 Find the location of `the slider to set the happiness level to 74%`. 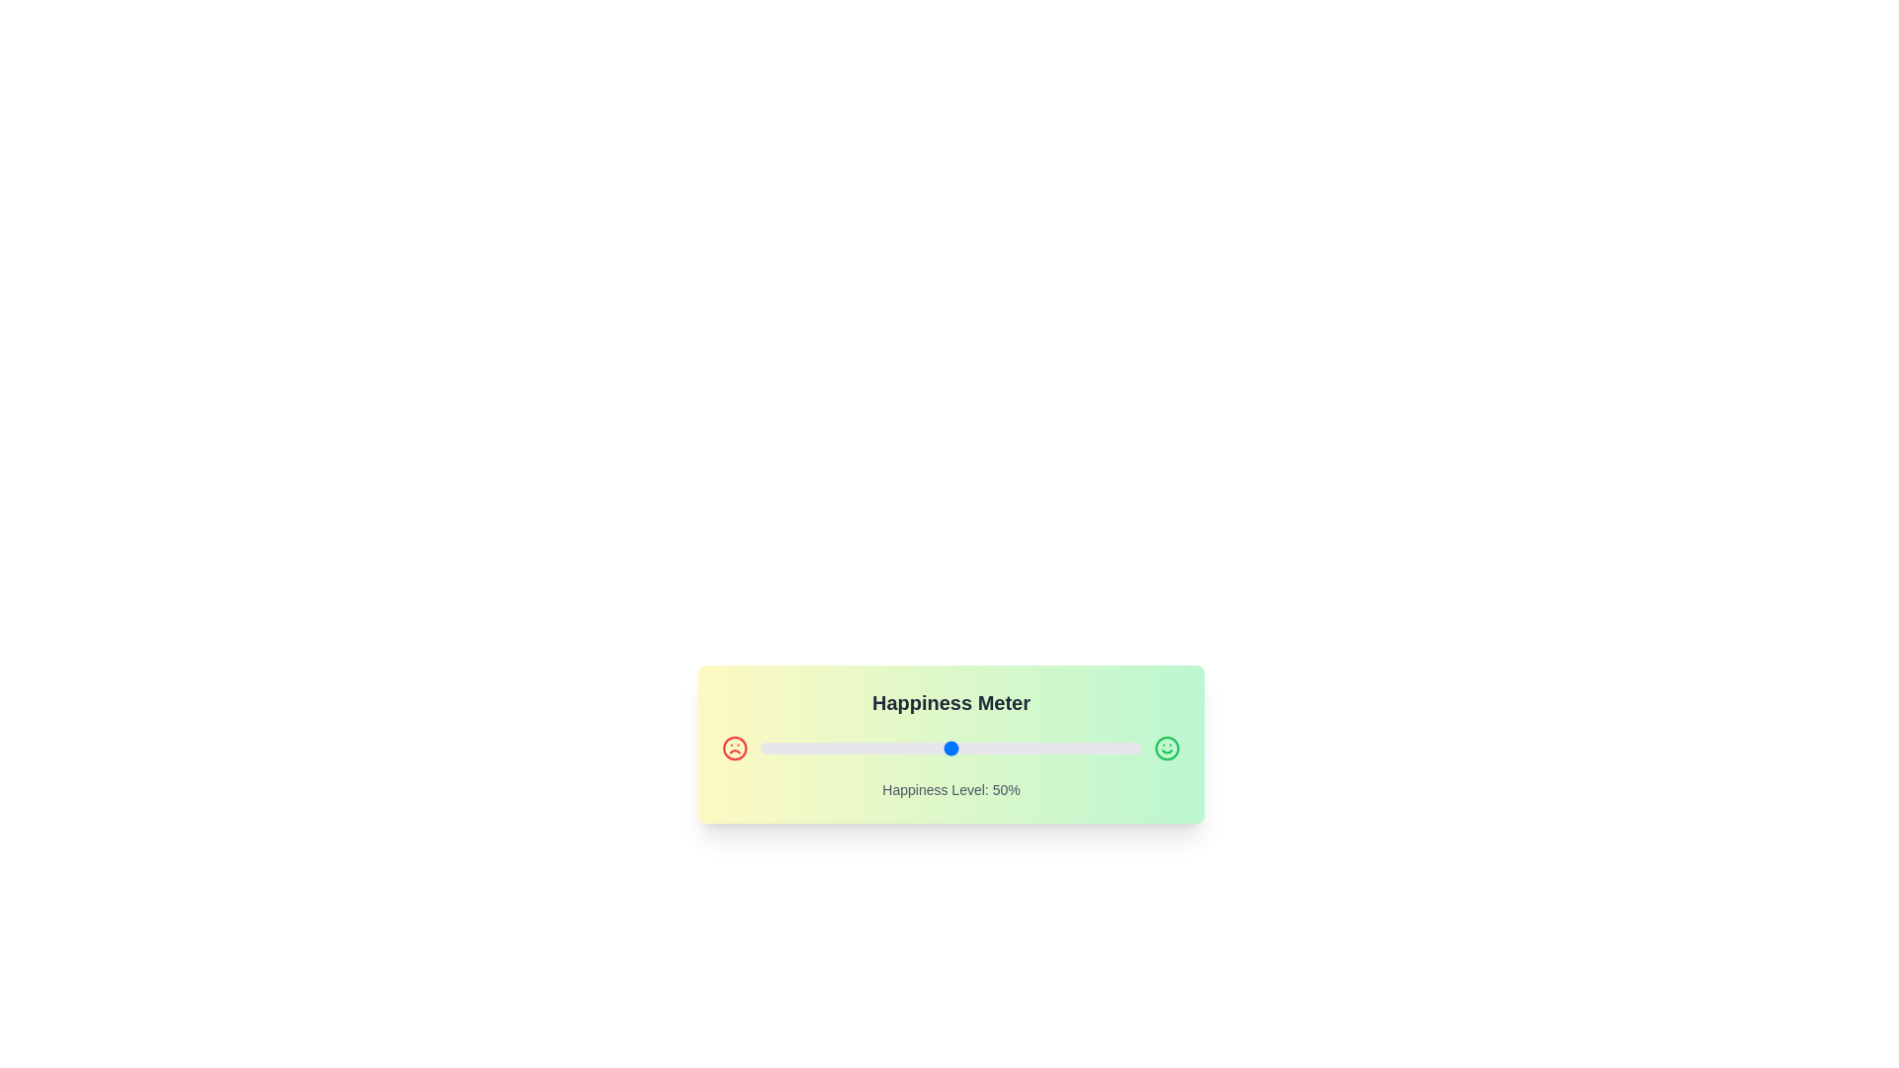

the slider to set the happiness level to 74% is located at coordinates (1041, 748).